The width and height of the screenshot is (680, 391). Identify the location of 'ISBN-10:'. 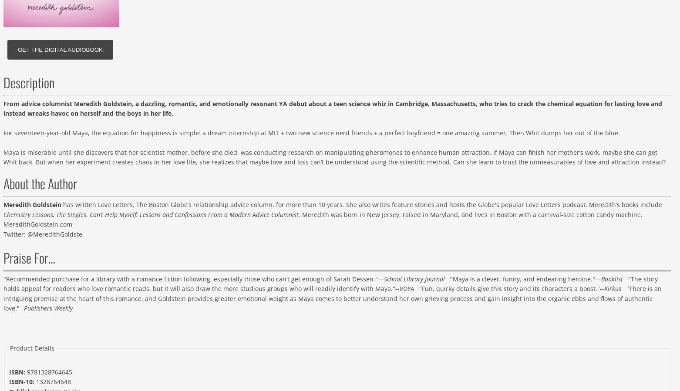
(21, 381).